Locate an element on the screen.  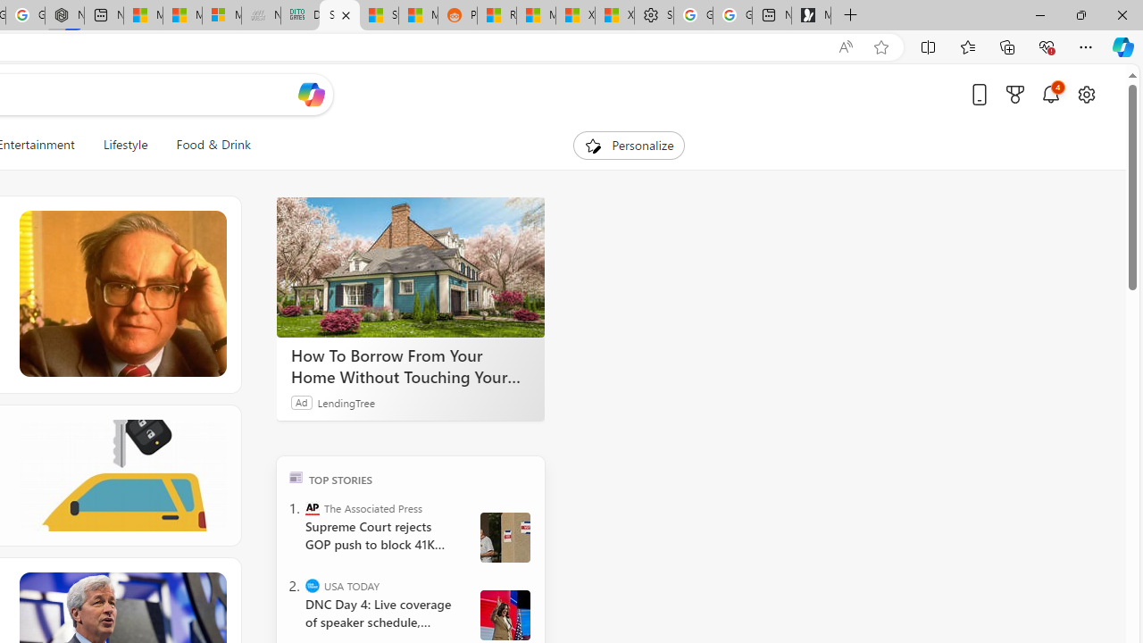
'Open settings' is located at coordinates (1085, 94).